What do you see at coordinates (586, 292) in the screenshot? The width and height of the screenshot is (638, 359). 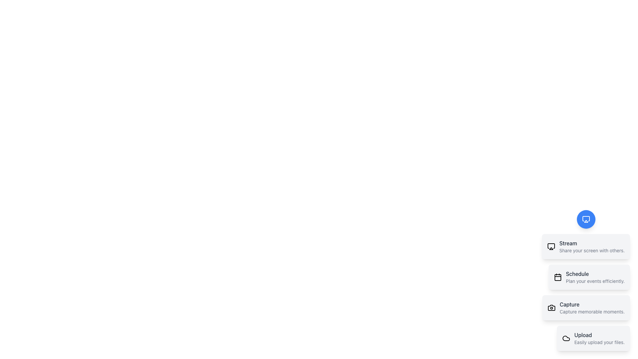 I see `the 'Schedule' card` at bounding box center [586, 292].